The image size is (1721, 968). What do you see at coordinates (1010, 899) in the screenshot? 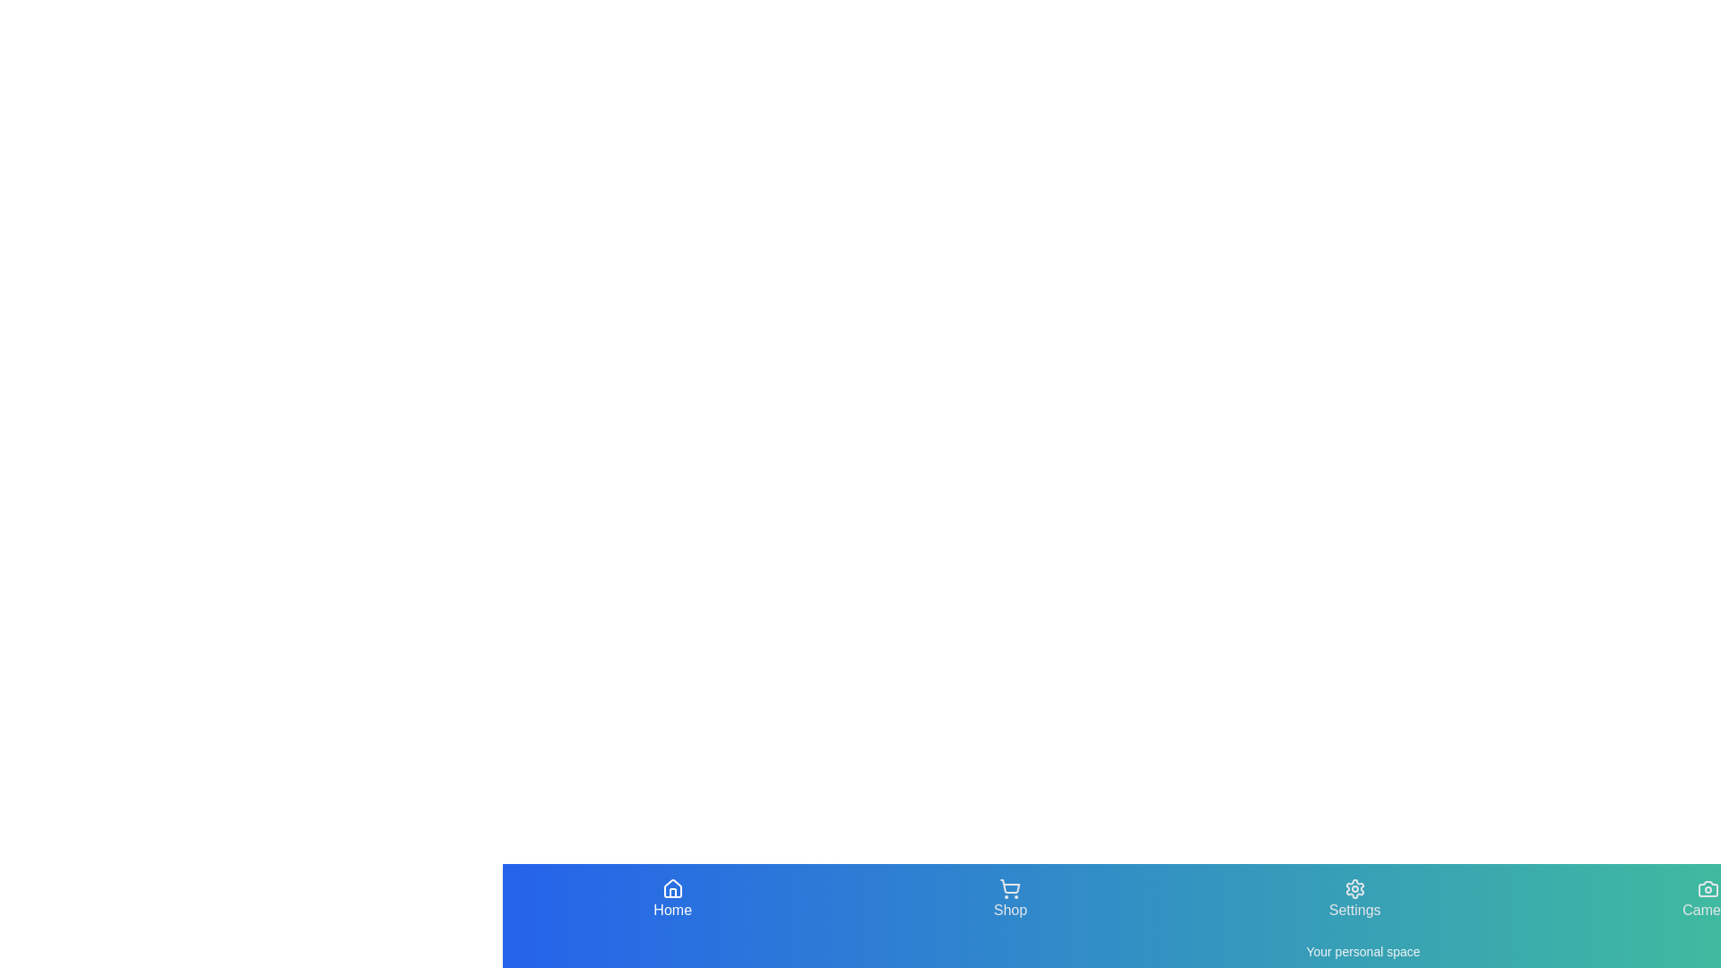
I see `the Shop navigation tab by clicking on it` at bounding box center [1010, 899].